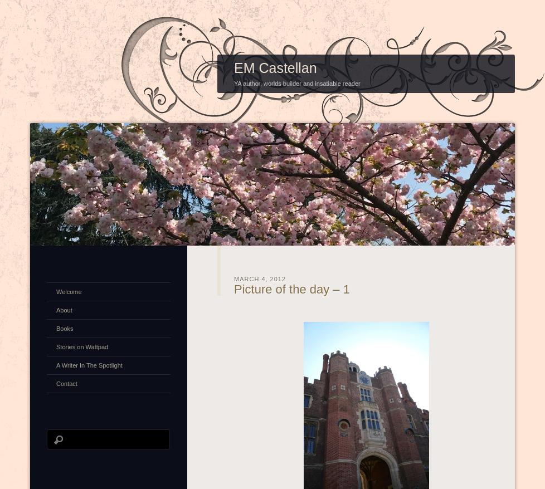  Describe the element at coordinates (297, 82) in the screenshot. I see `'YA author, worlds builder and insatiable reader'` at that location.